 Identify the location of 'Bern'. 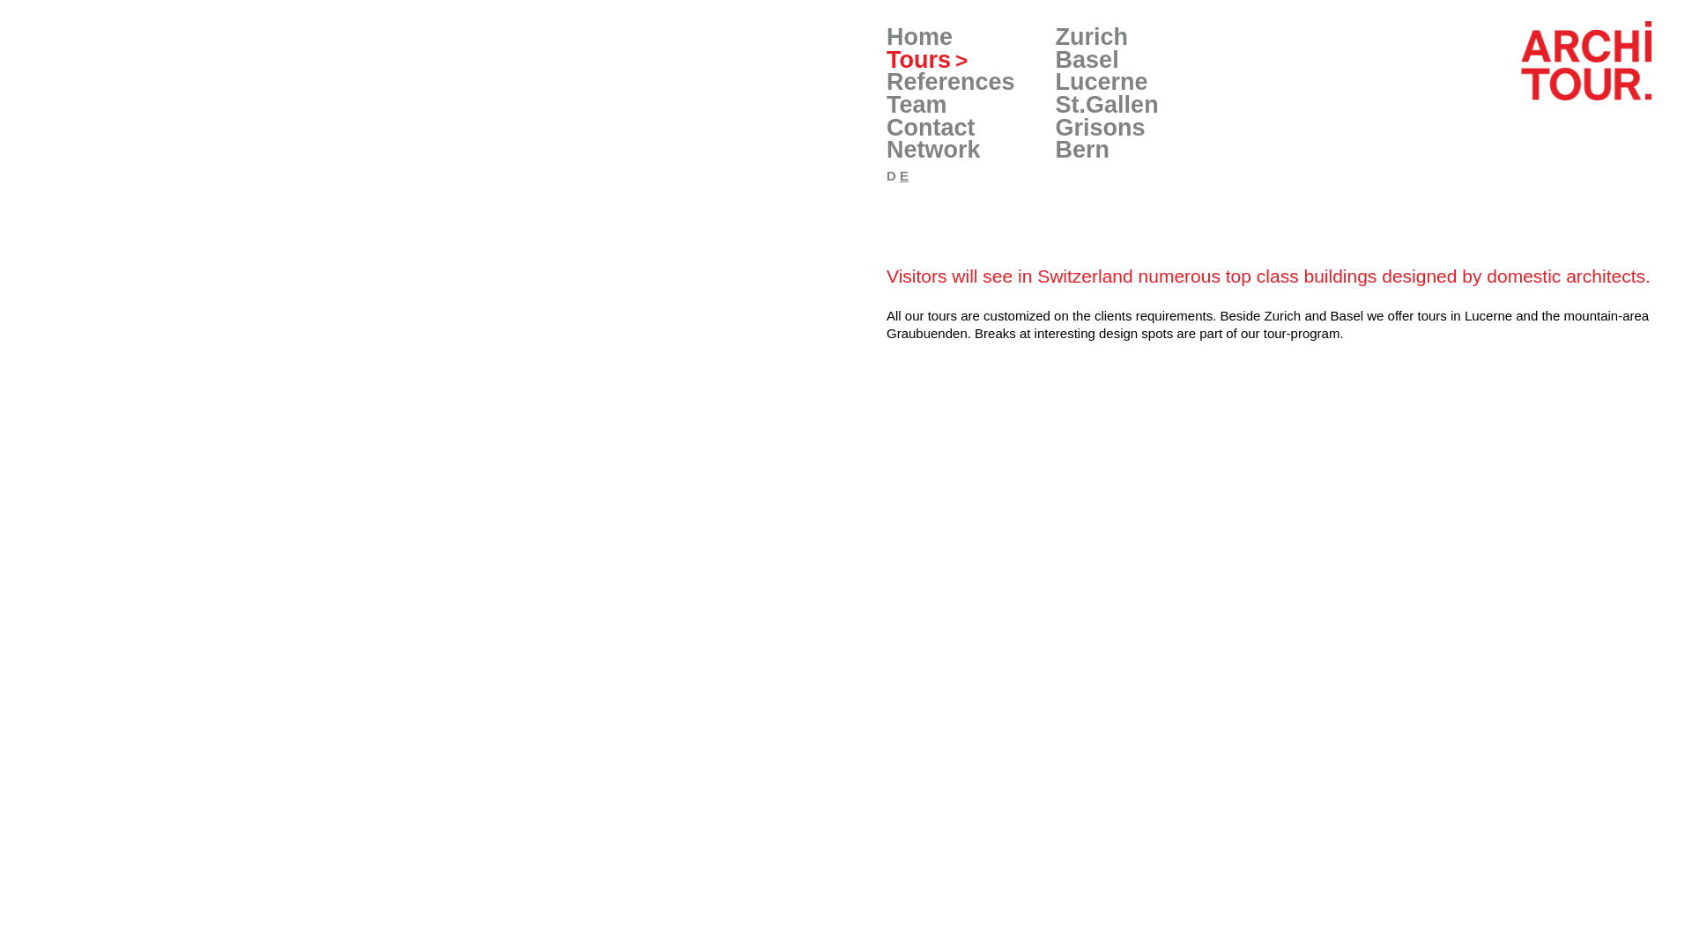
(1056, 148).